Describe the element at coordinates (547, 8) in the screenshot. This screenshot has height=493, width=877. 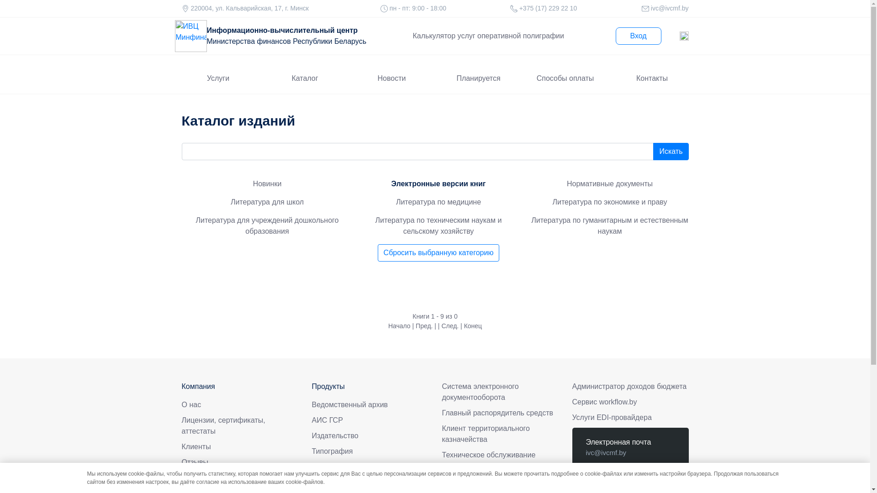
I see `'+375 (17) 229 22 10'` at that location.